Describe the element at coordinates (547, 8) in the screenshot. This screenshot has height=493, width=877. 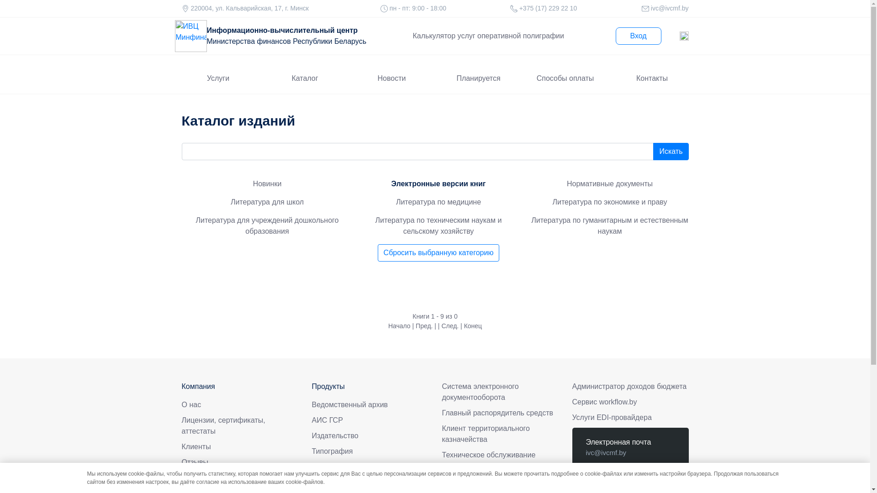
I see `'+375 (17) 229 22 10'` at that location.